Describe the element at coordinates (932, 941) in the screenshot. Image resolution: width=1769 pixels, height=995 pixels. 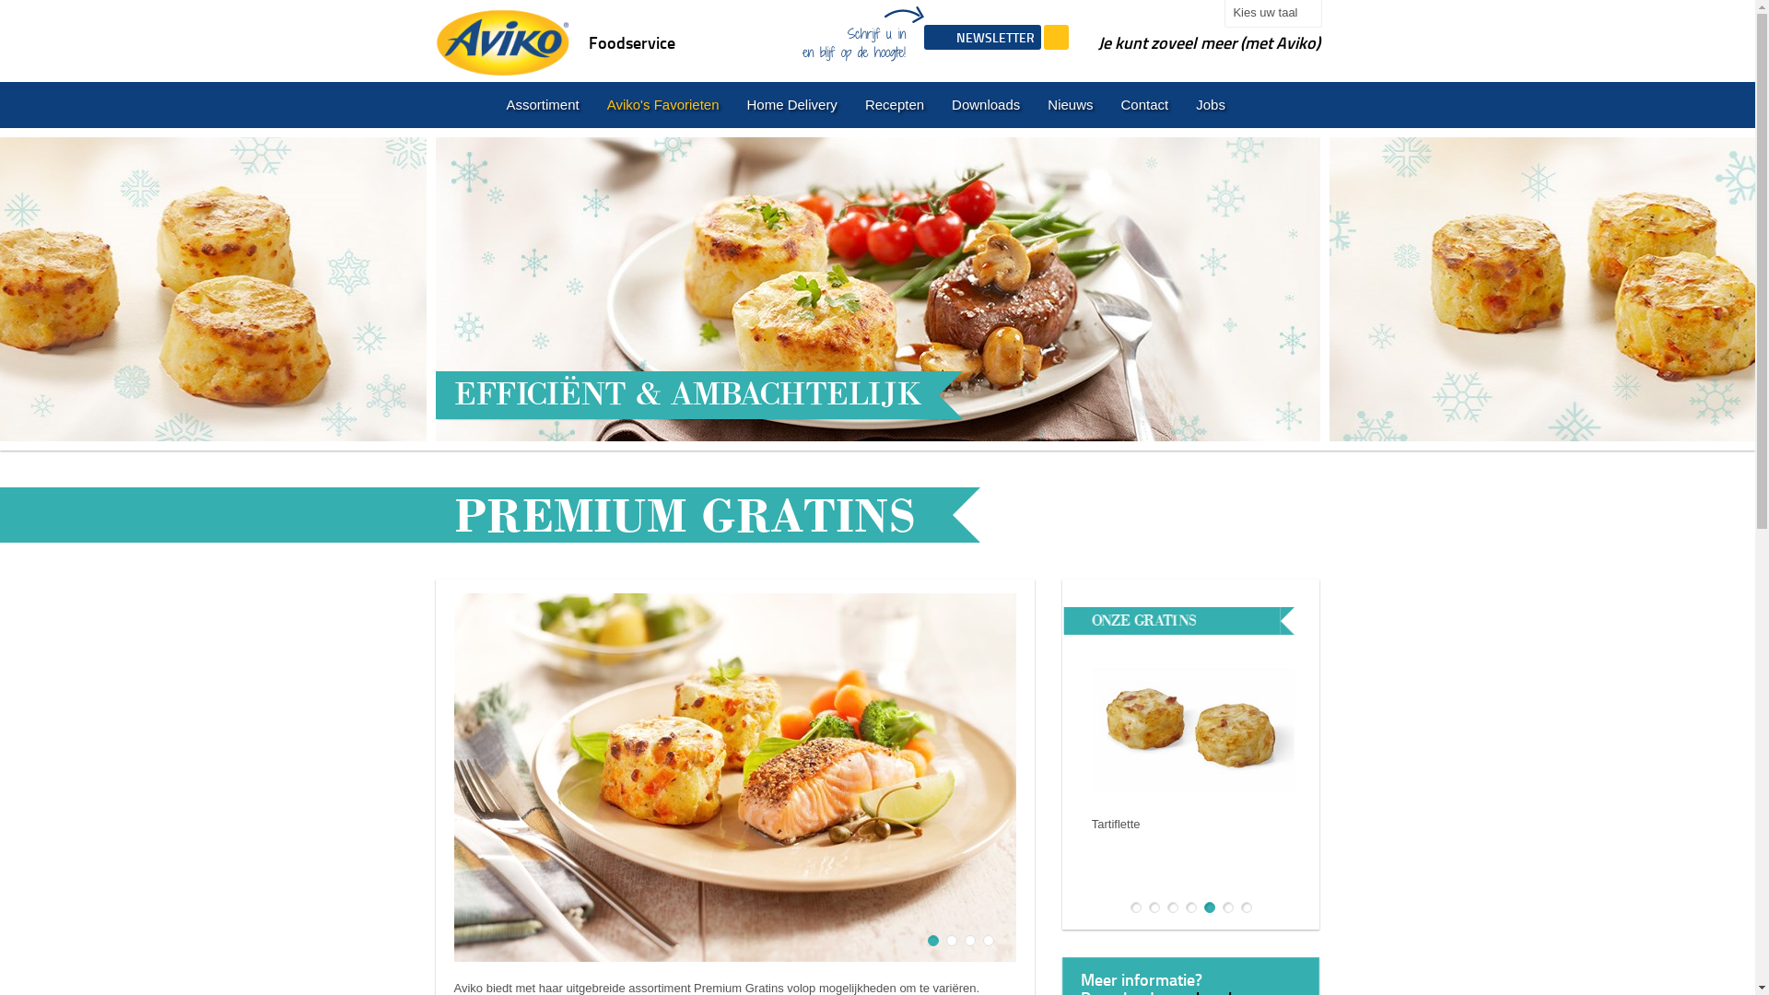
I see `'1'` at that location.